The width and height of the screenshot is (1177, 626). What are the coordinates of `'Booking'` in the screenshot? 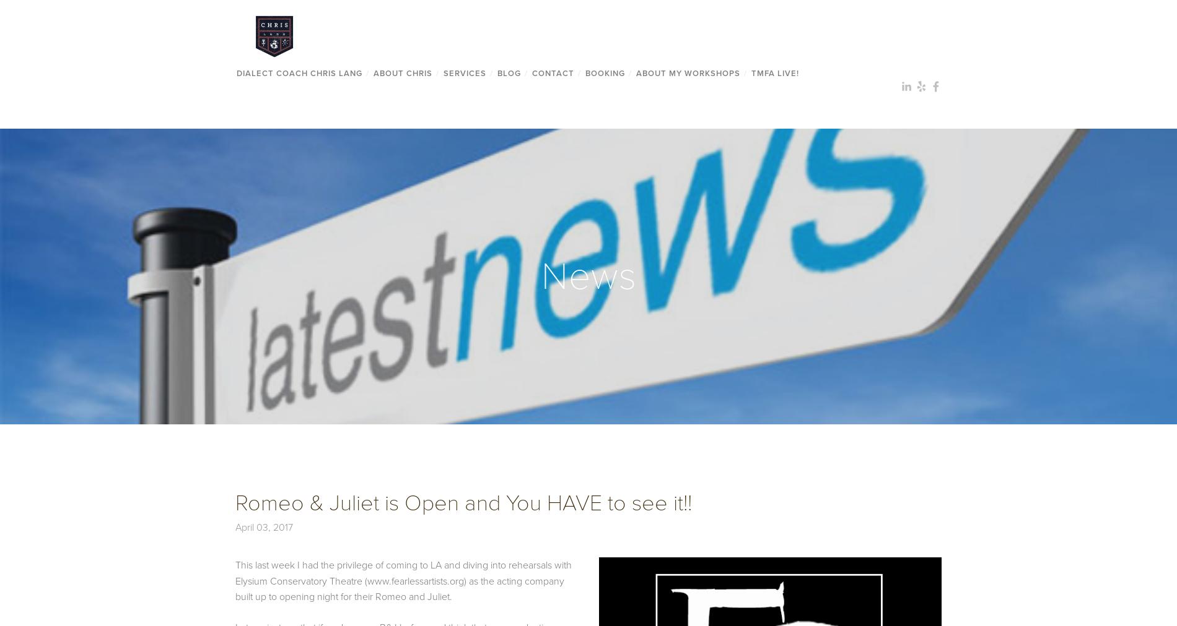 It's located at (605, 72).